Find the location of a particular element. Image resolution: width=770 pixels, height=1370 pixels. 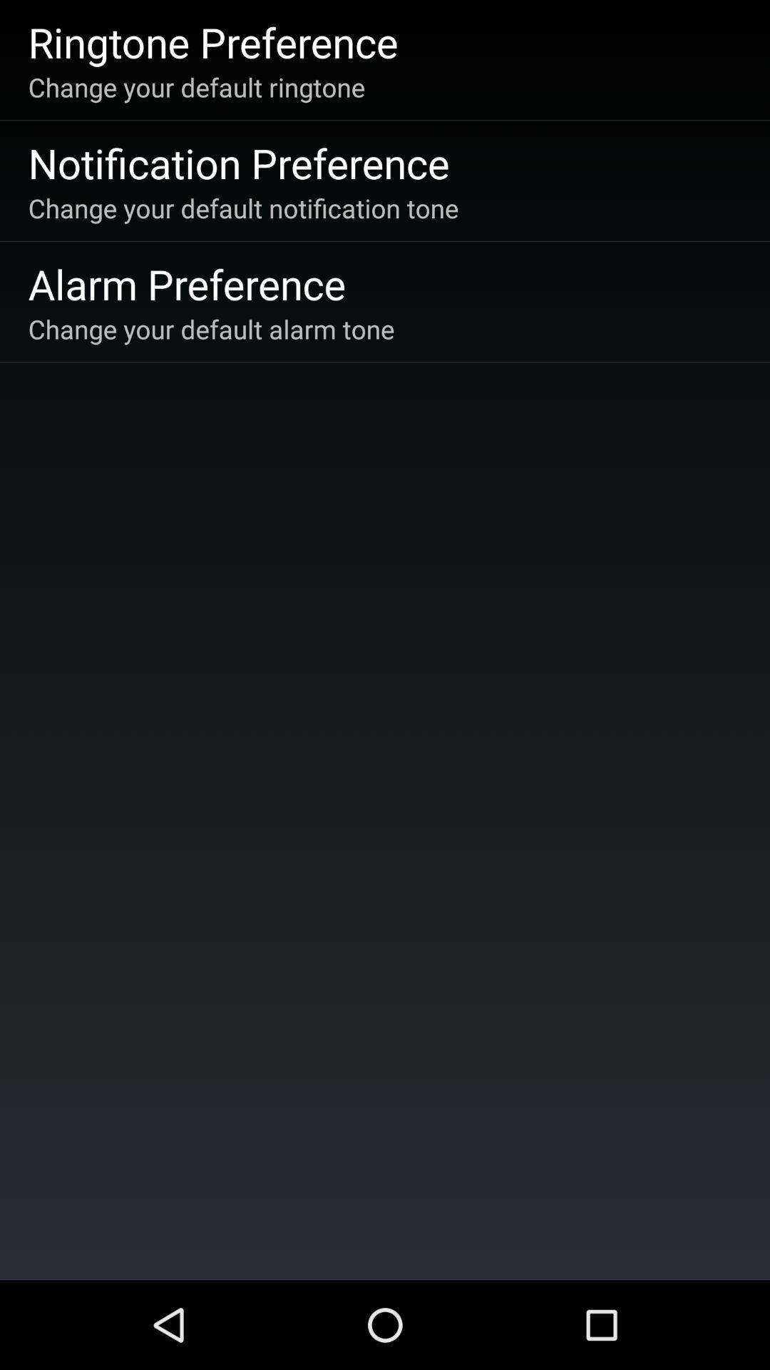

the ringtone preference app is located at coordinates (213, 41).